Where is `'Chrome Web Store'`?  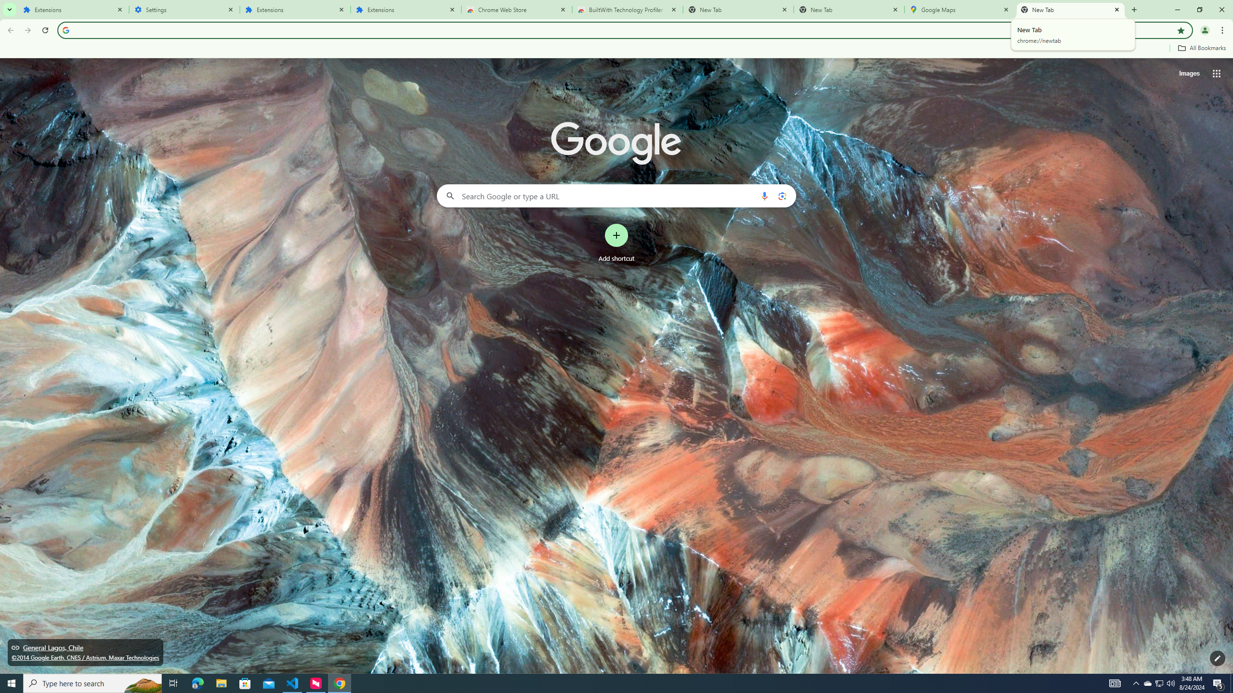 'Chrome Web Store' is located at coordinates (516, 9).